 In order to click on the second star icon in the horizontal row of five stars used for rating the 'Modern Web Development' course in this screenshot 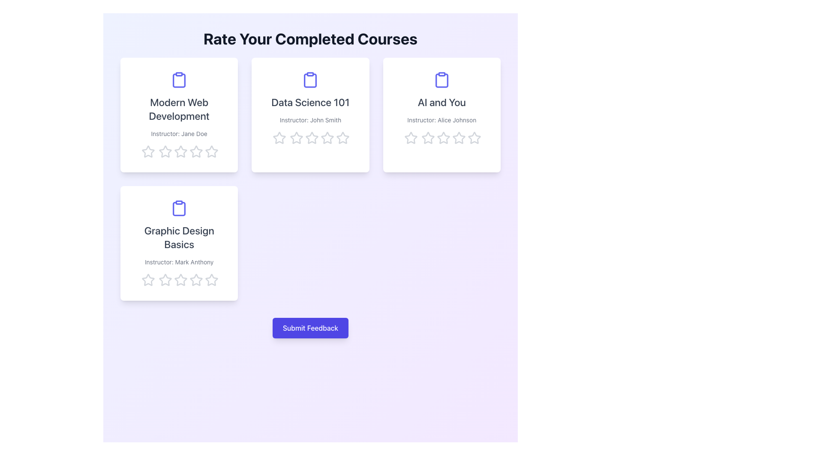, I will do `click(180, 151)`.